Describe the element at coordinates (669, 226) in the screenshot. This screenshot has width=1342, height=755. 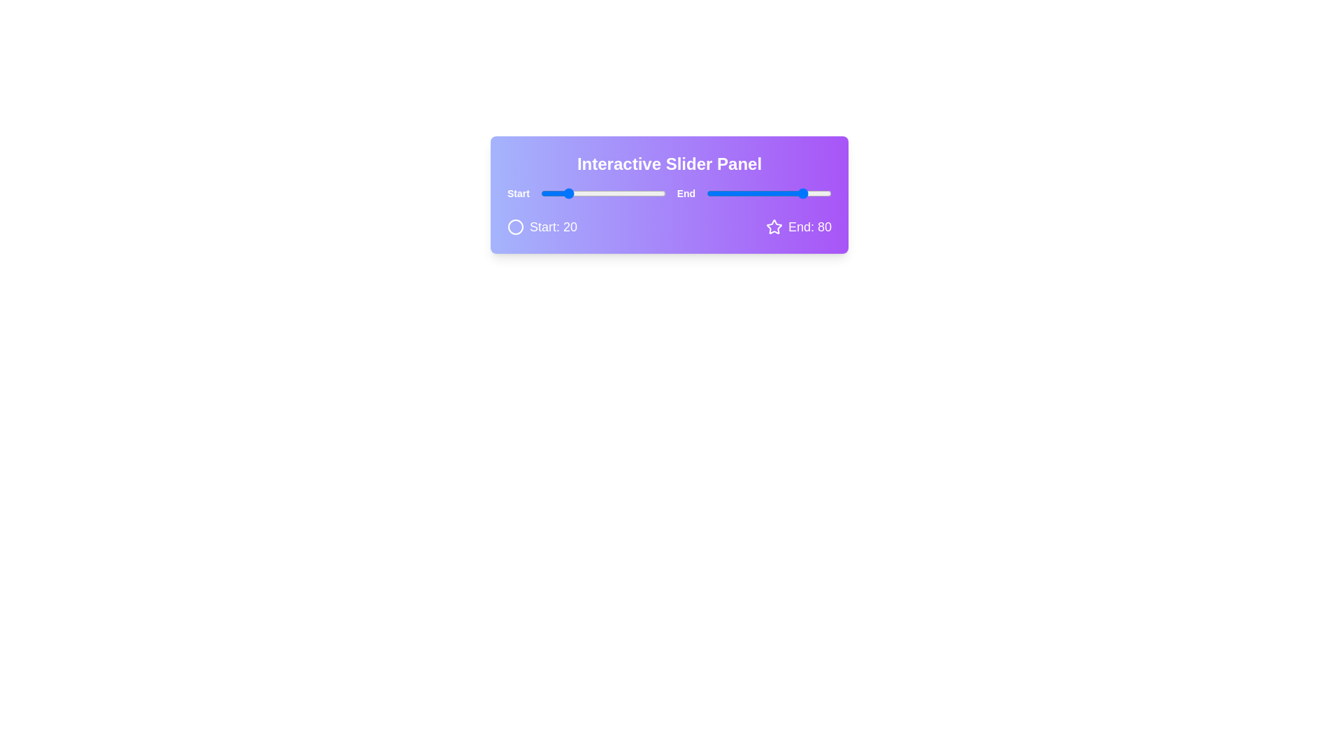
I see `the Information Display Bar element located at the bottom of the Interactive Slider Panel, which displays 'Start: 20' on the left and 'End: 80' on the right` at that location.